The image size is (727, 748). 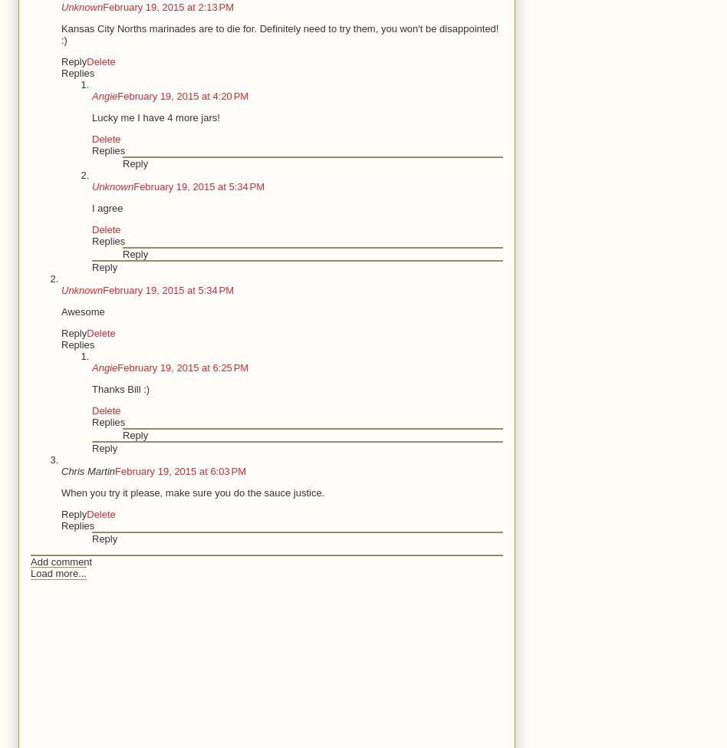 I want to click on 'February 19, 2015 at 2:13 PM', so click(x=167, y=7).